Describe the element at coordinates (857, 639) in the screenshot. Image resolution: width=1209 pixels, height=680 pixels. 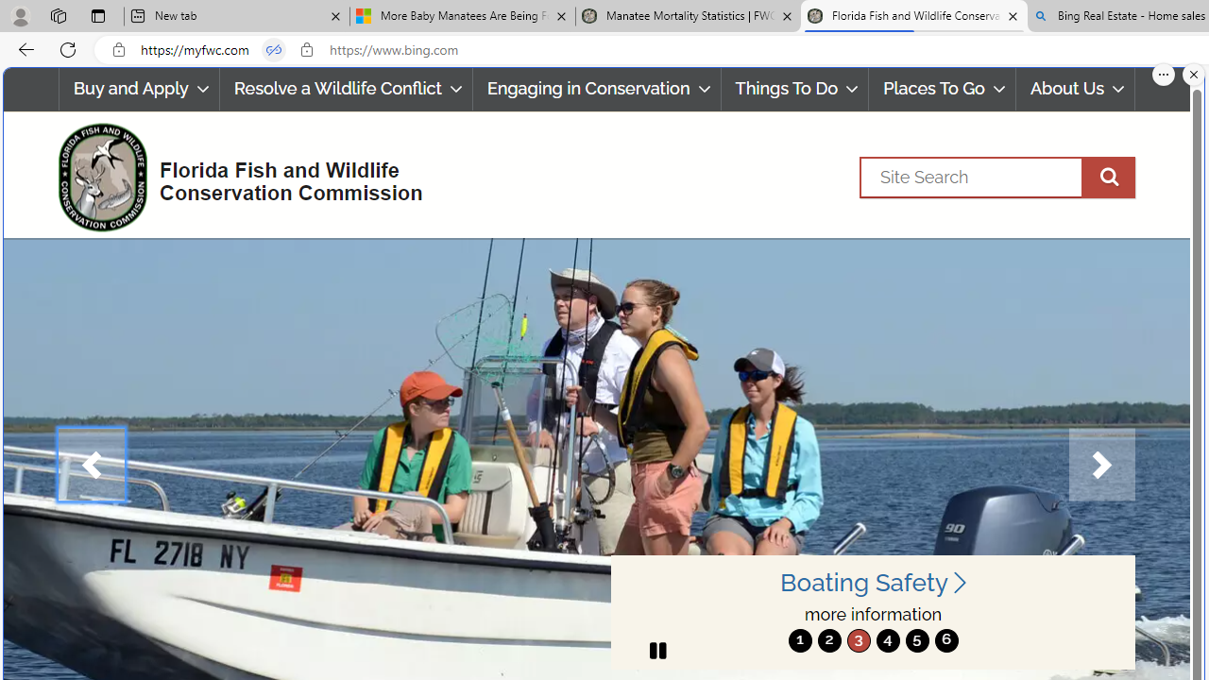
I see `'move to slide 3'` at that location.